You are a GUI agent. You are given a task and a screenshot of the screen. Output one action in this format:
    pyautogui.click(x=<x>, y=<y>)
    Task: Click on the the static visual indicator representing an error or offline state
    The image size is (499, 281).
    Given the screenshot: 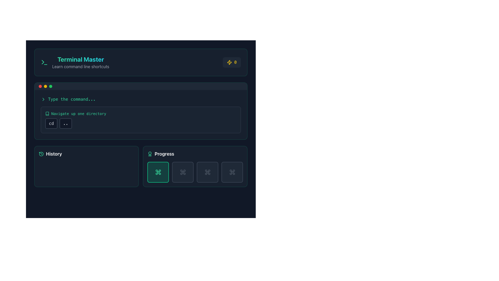 What is the action you would take?
    pyautogui.click(x=40, y=86)
    